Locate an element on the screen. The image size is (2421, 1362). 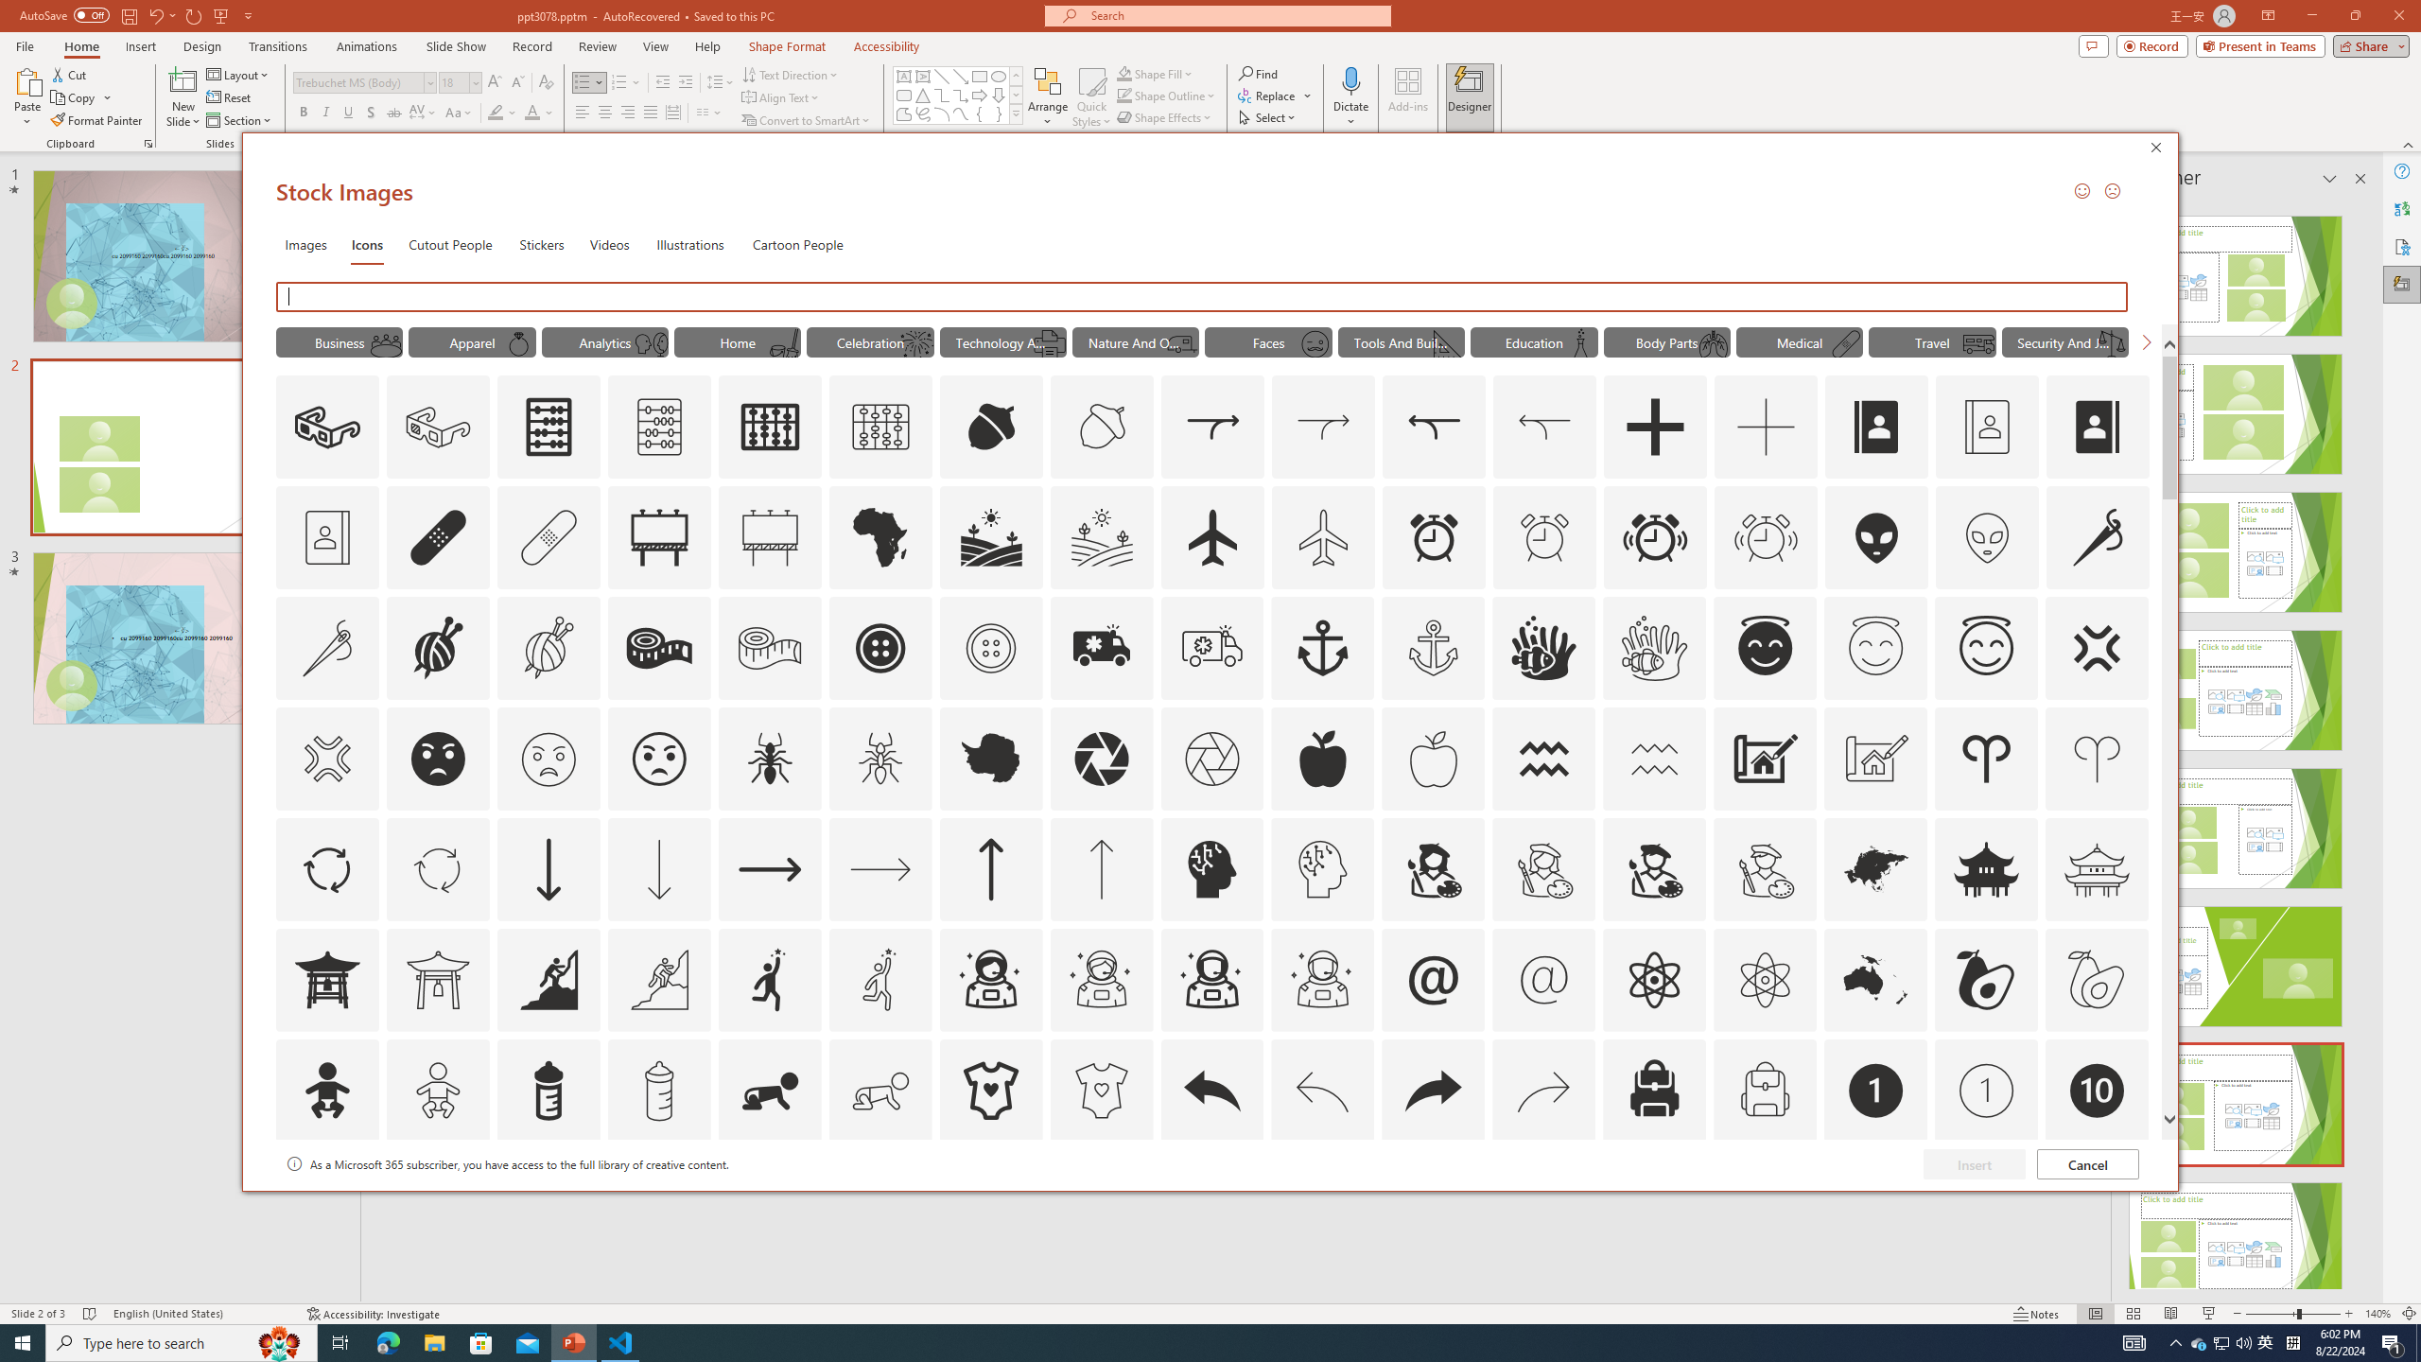
'AutomationID: Icons_ArtistFemale_M' is located at coordinates (1543, 868).